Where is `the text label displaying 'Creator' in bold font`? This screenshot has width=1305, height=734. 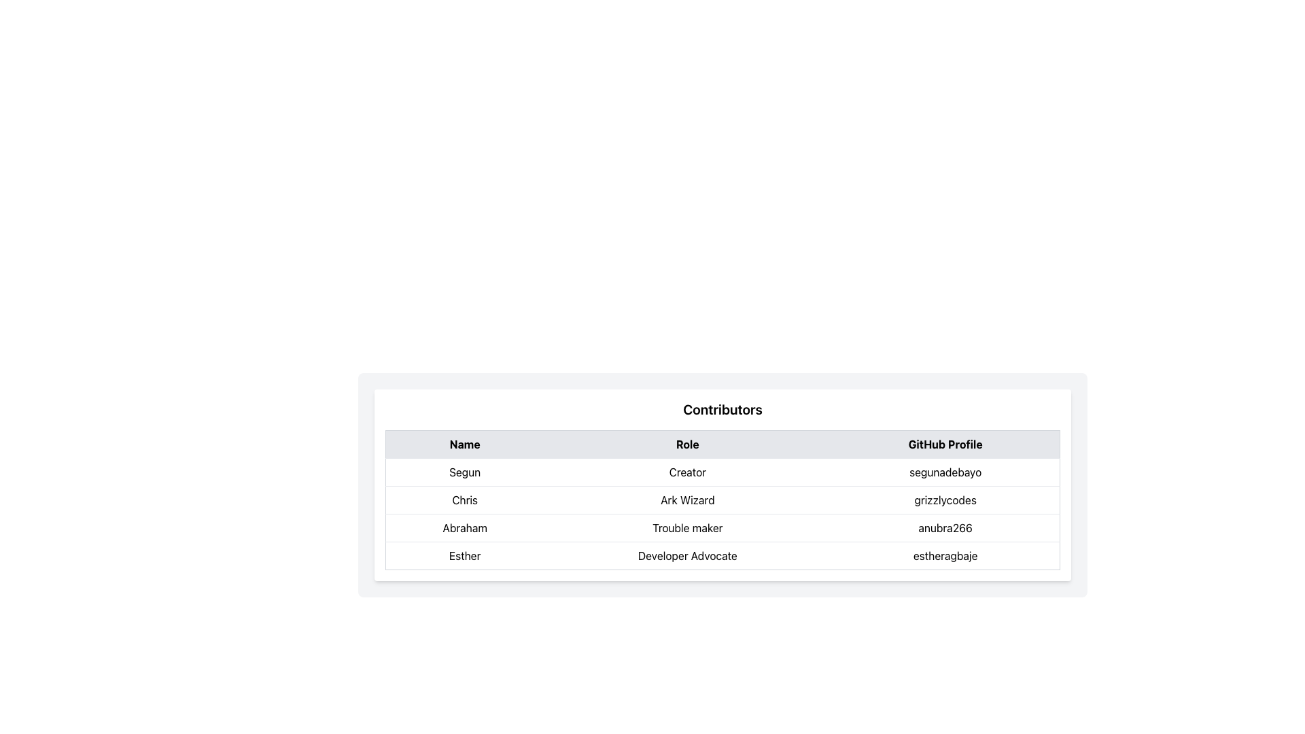 the text label displaying 'Creator' in bold font is located at coordinates (687, 471).